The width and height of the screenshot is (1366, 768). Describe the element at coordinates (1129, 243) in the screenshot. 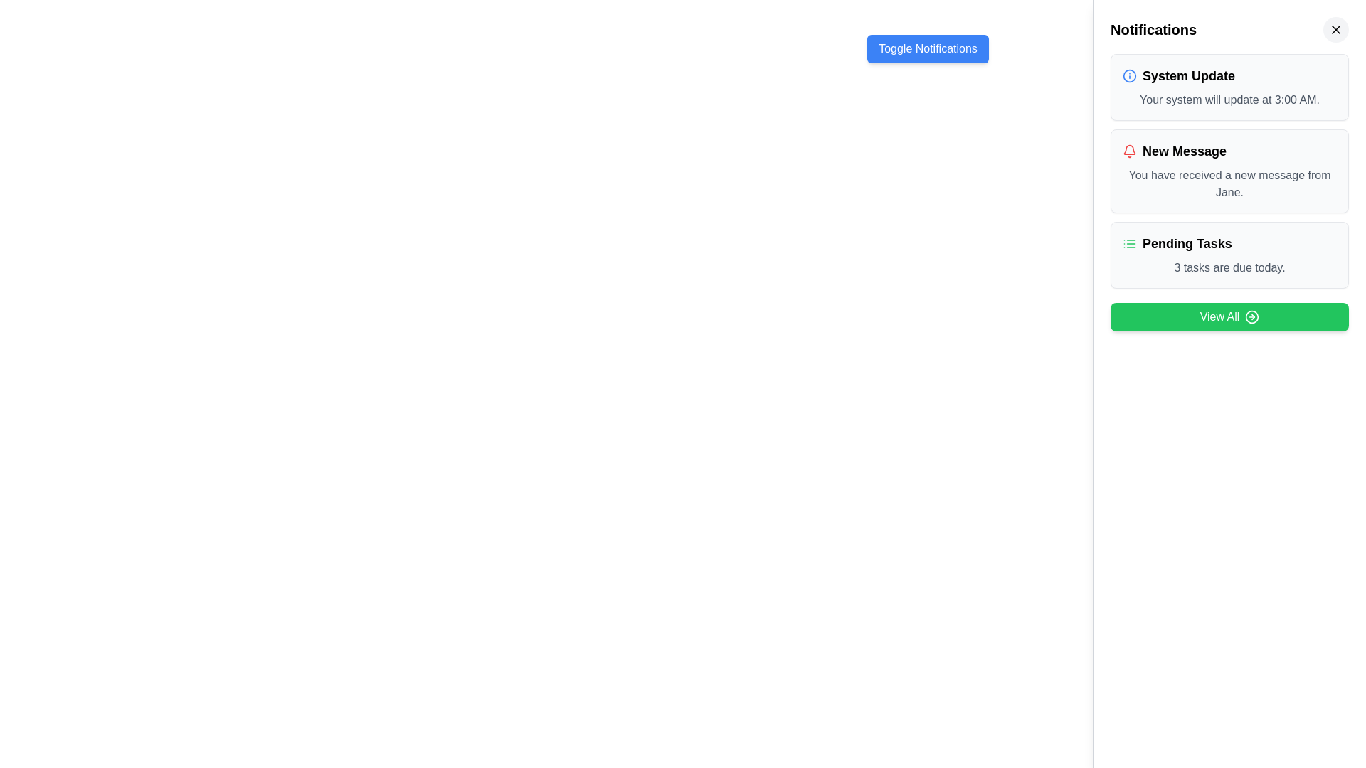

I see `the icon indicating pending tasks, located to the left of the 'Pending Tasks' label in the notifications section` at that location.